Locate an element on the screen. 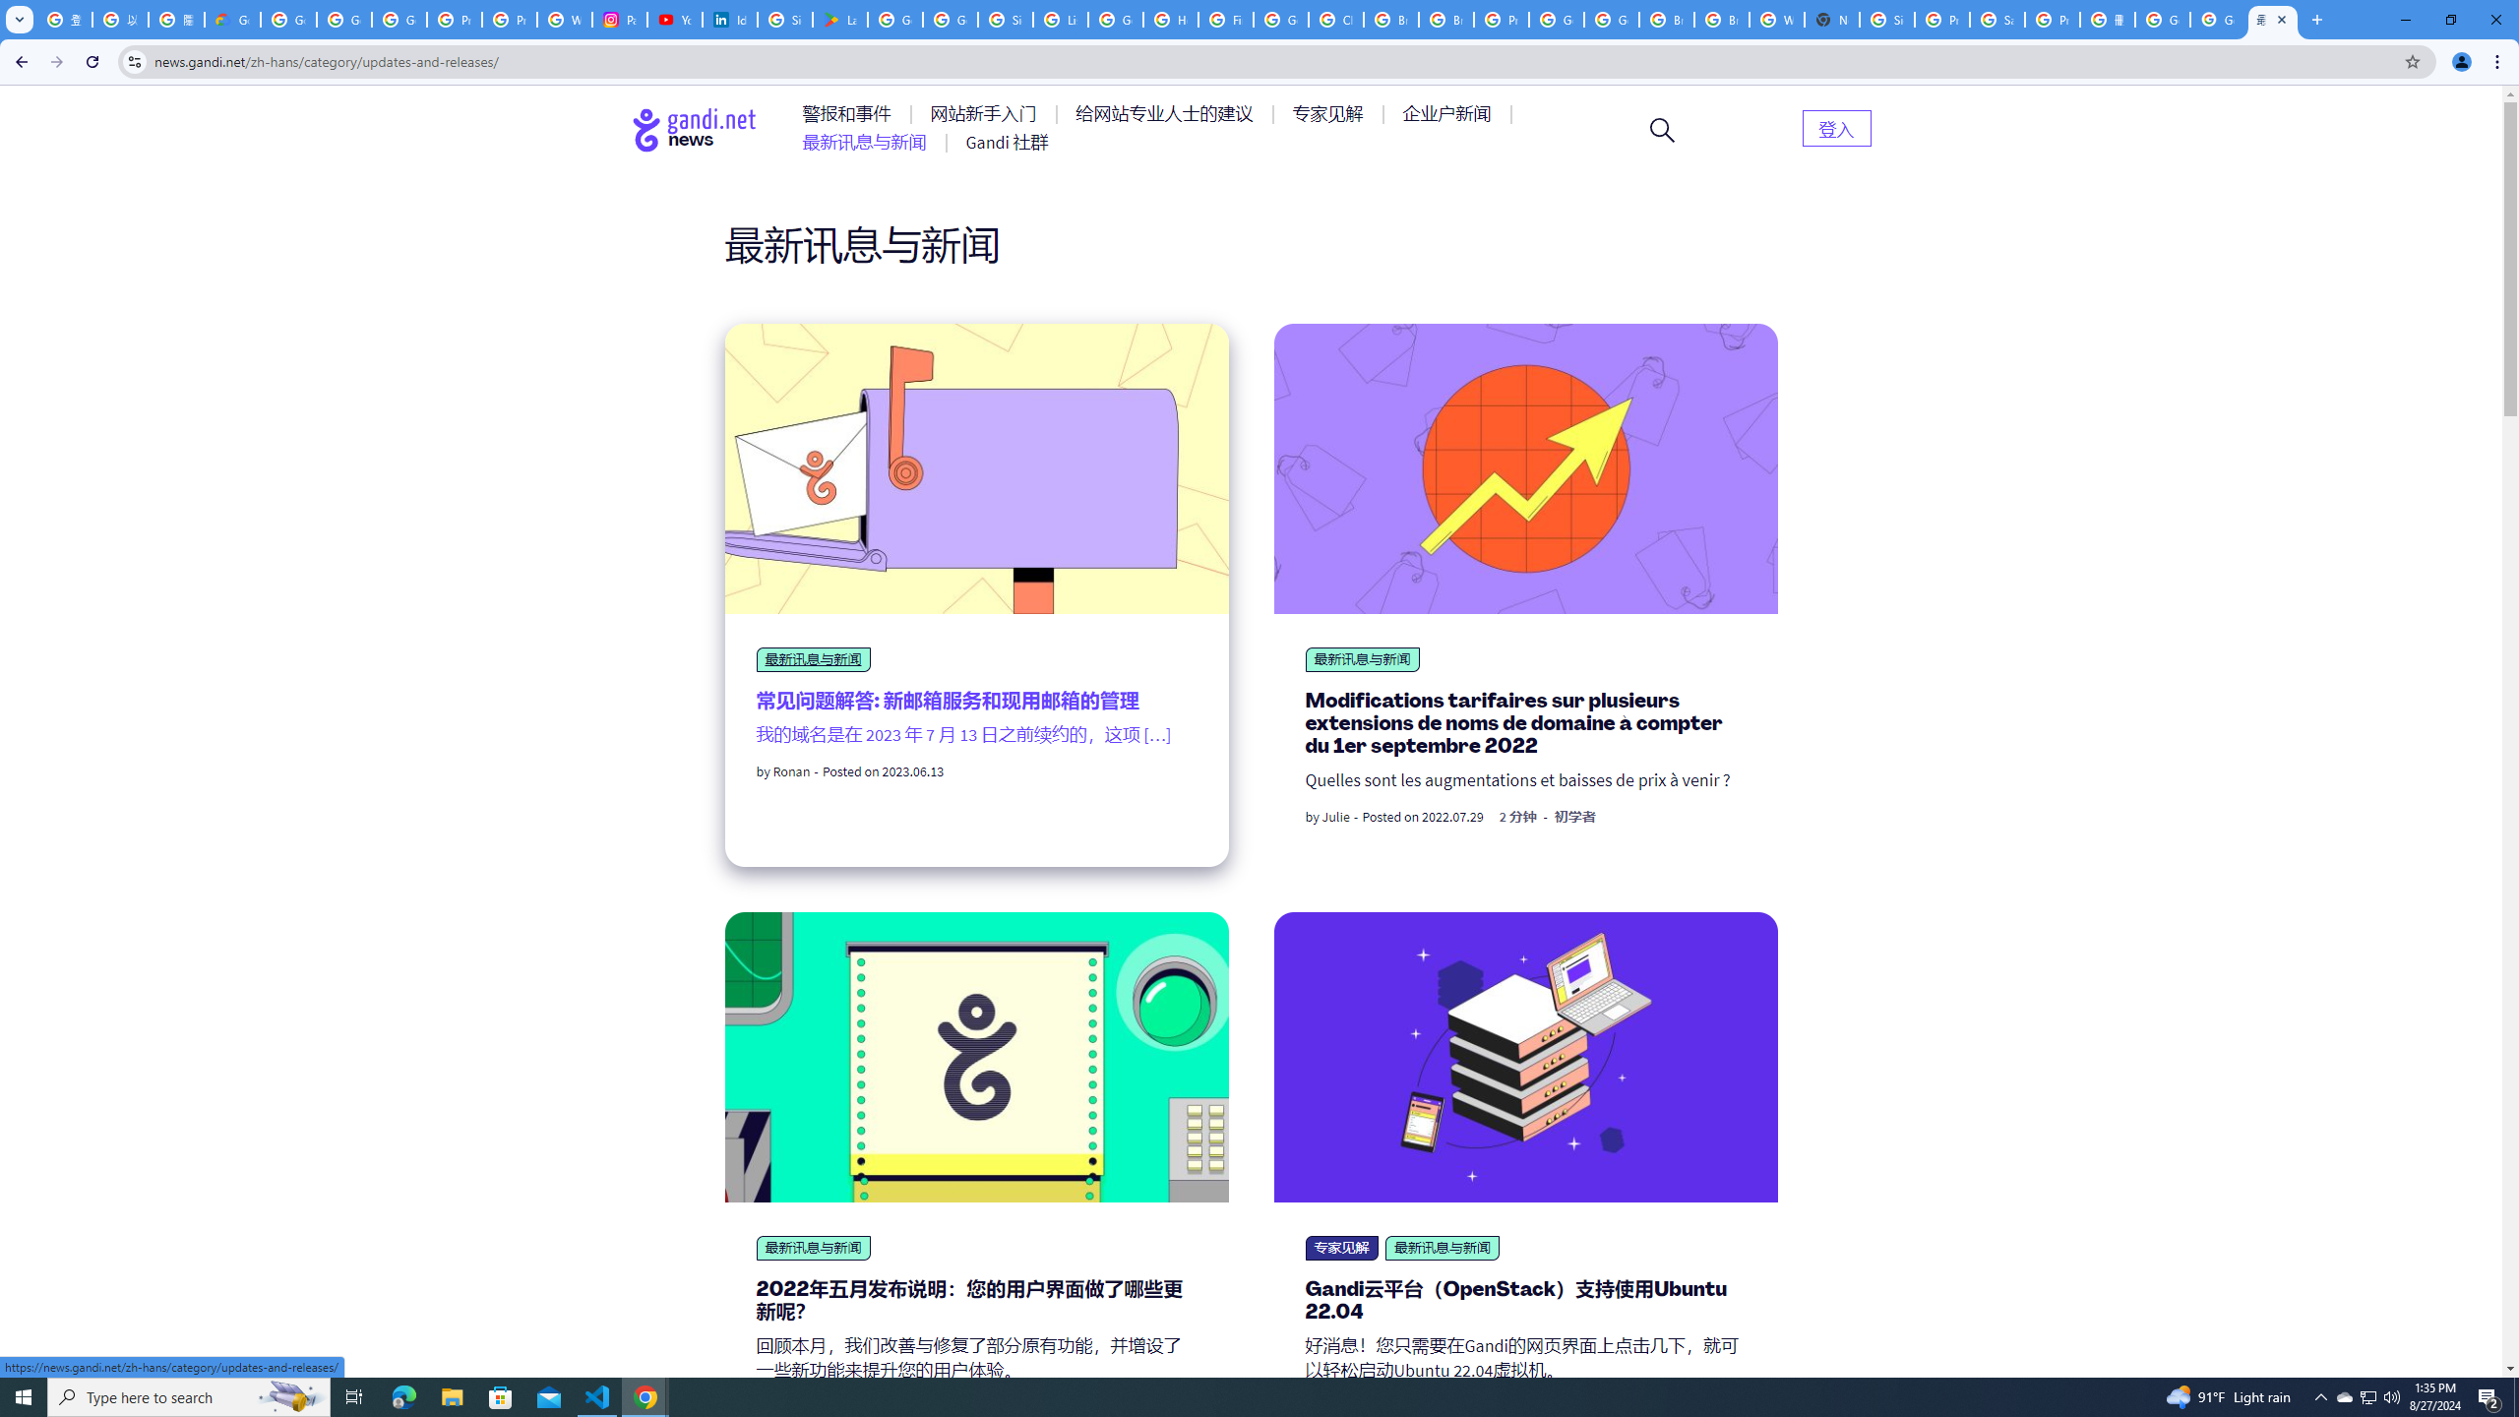 This screenshot has height=1417, width=2519. 'AutomationID: menu-item-77761' is located at coordinates (850, 112).